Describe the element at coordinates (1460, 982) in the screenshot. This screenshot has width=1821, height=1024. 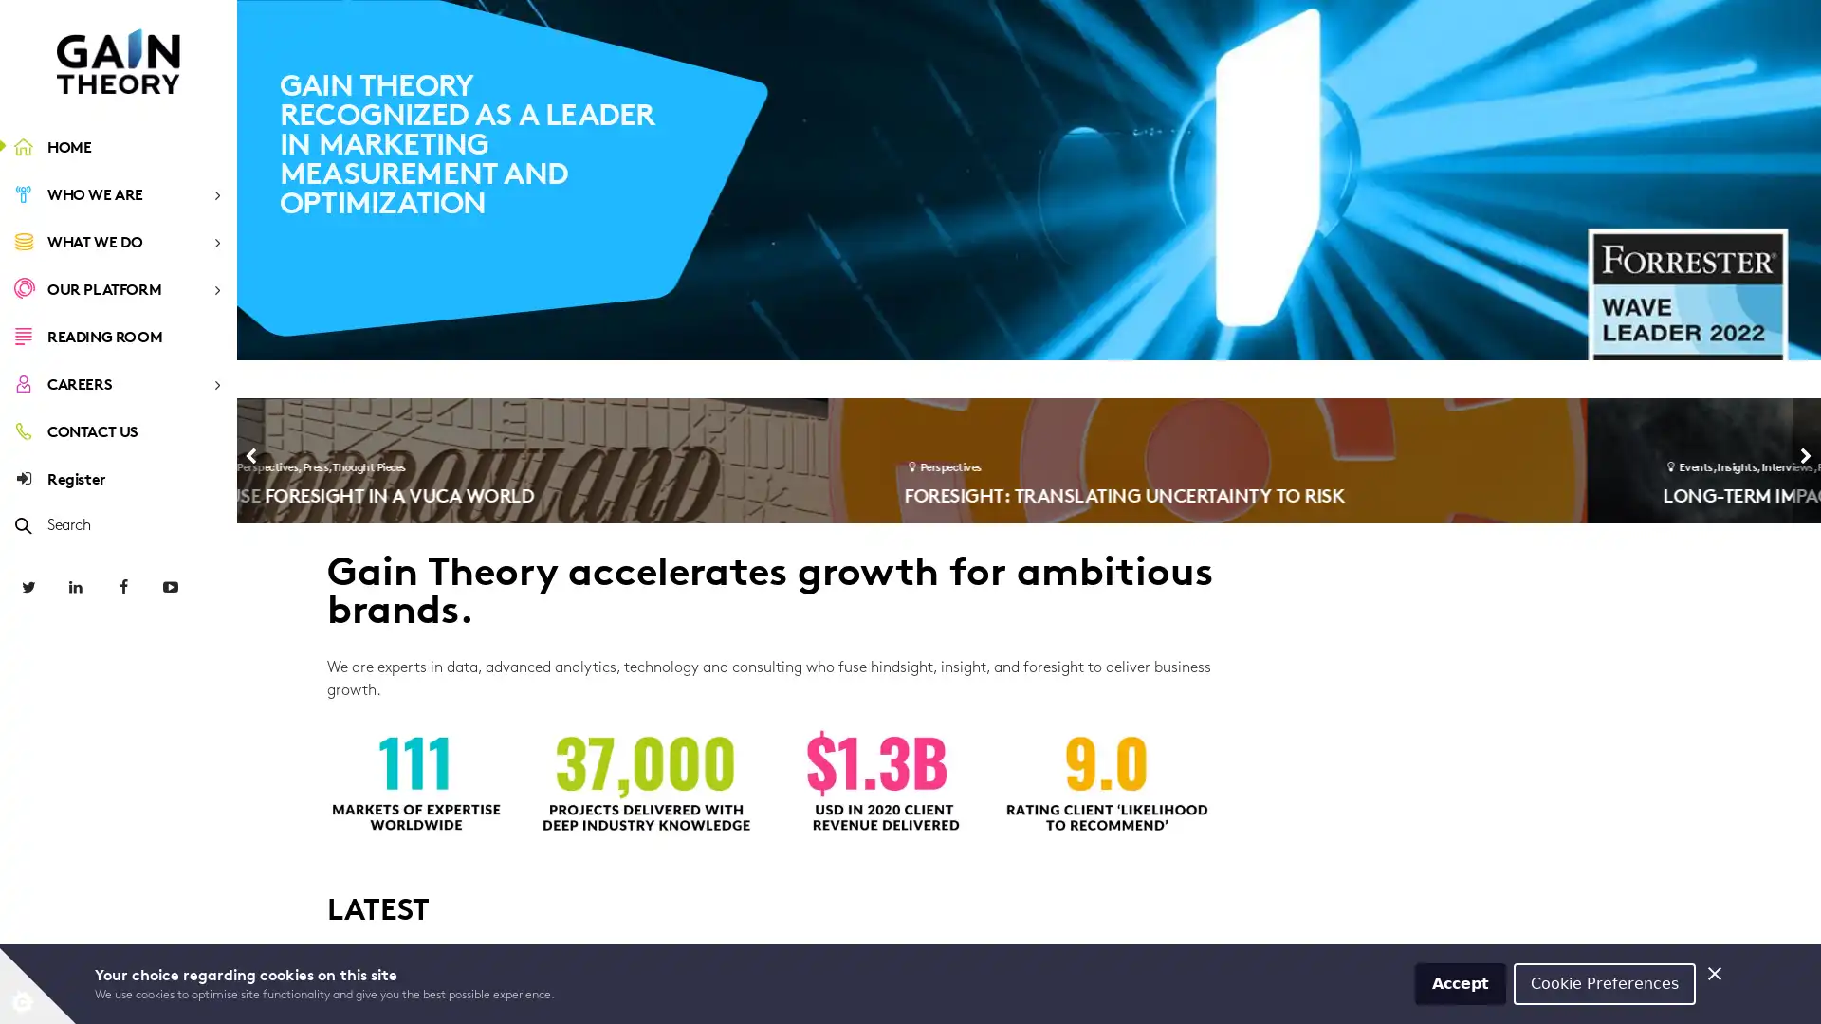
I see `Accept` at that location.